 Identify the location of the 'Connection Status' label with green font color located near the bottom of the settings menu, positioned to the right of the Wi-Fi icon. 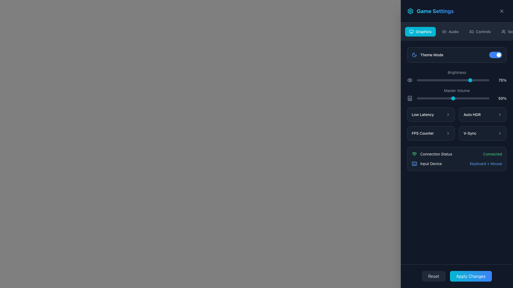
(436, 154).